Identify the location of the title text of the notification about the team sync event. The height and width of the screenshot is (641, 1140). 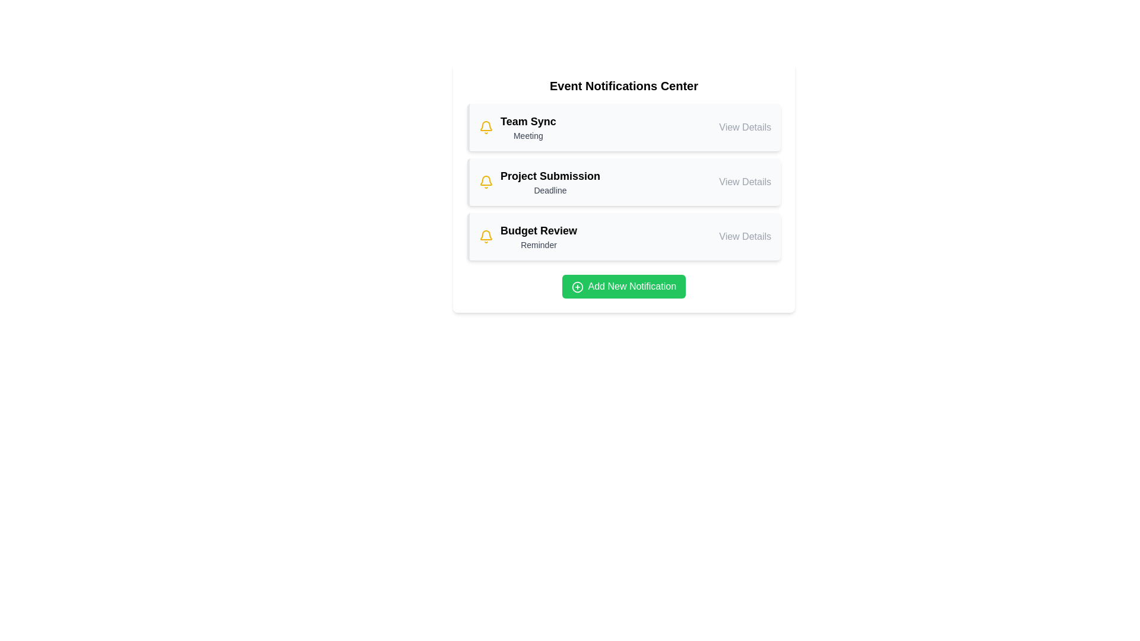
(527, 121).